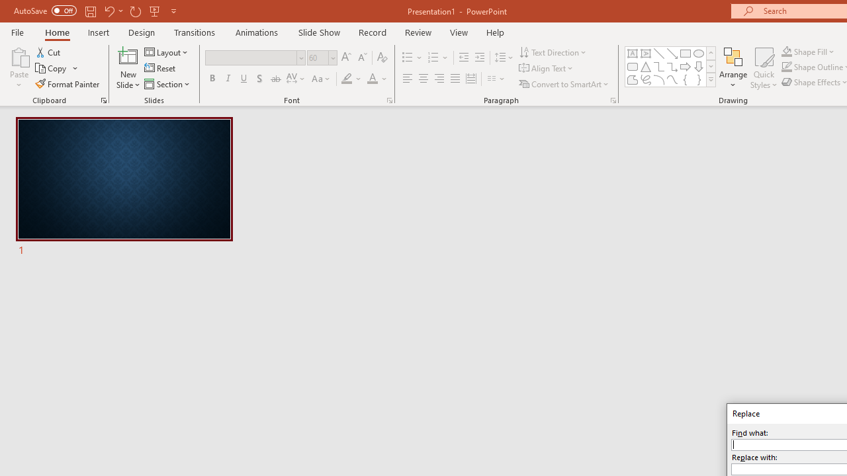  I want to click on 'Underline', so click(244, 79).